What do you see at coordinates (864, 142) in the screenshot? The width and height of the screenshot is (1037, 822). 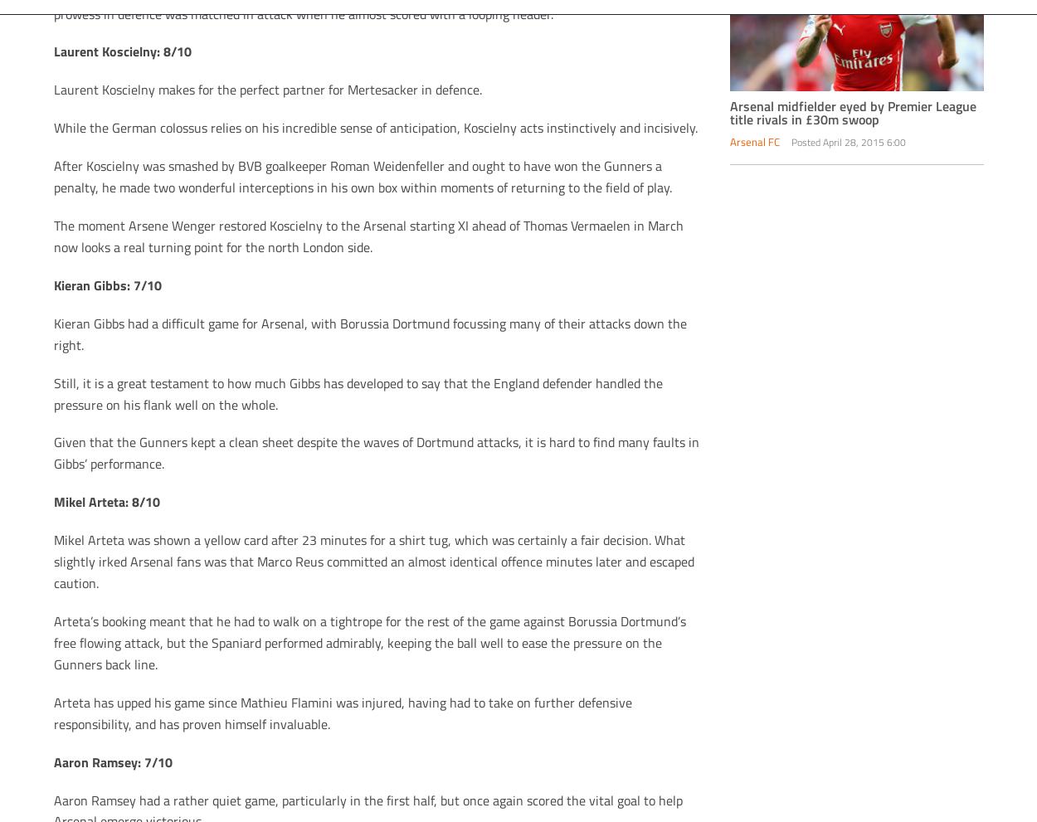 I see `'April 28, 2015 6:00'` at bounding box center [864, 142].